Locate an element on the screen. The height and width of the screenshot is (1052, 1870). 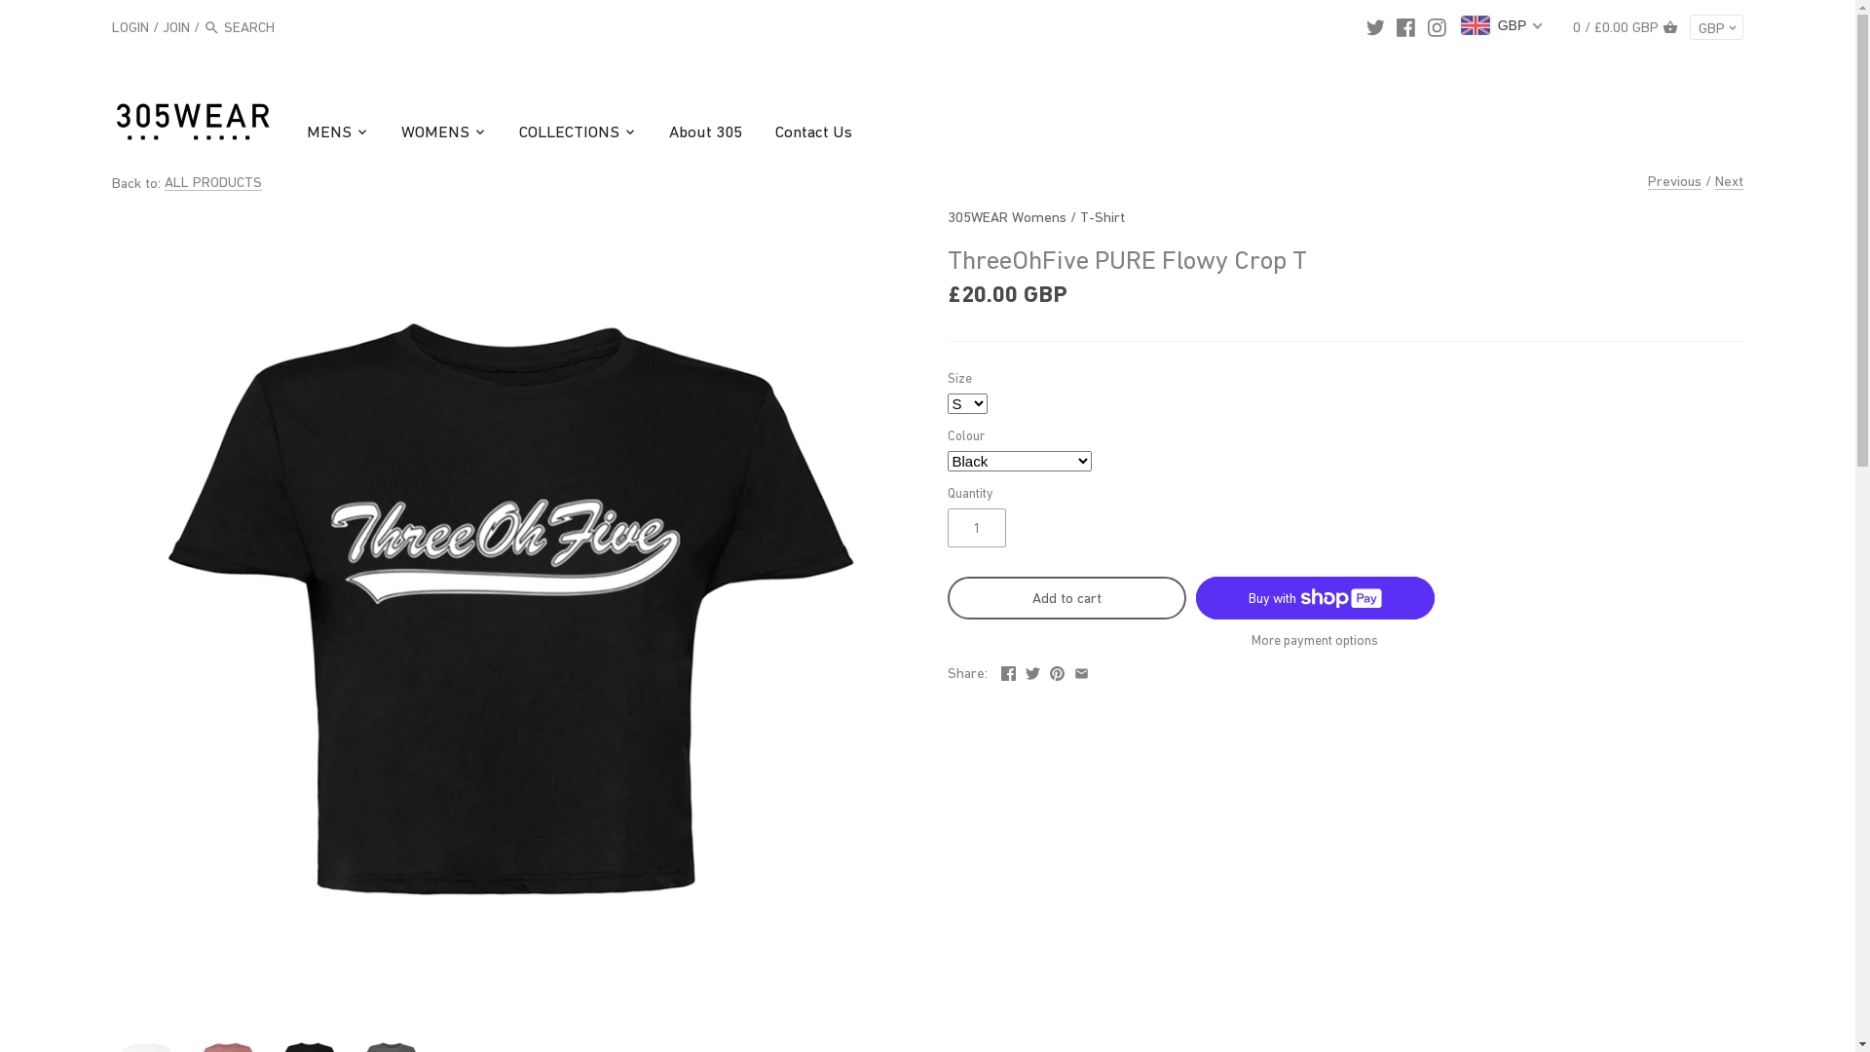
'About 305' is located at coordinates (653, 133).